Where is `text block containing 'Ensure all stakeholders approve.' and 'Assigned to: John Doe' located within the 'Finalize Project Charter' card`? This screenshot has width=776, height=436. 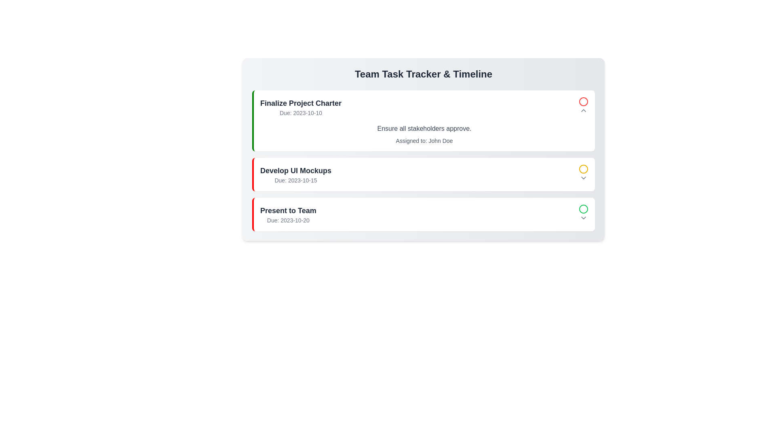 text block containing 'Ensure all stakeholders approve.' and 'Assigned to: John Doe' located within the 'Finalize Project Charter' card is located at coordinates (424, 134).